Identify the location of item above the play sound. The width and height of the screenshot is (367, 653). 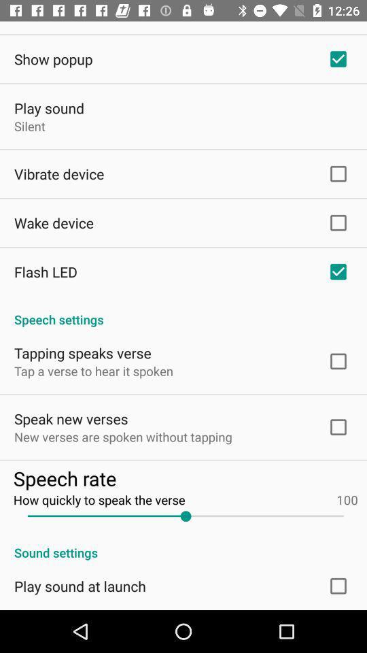
(52, 58).